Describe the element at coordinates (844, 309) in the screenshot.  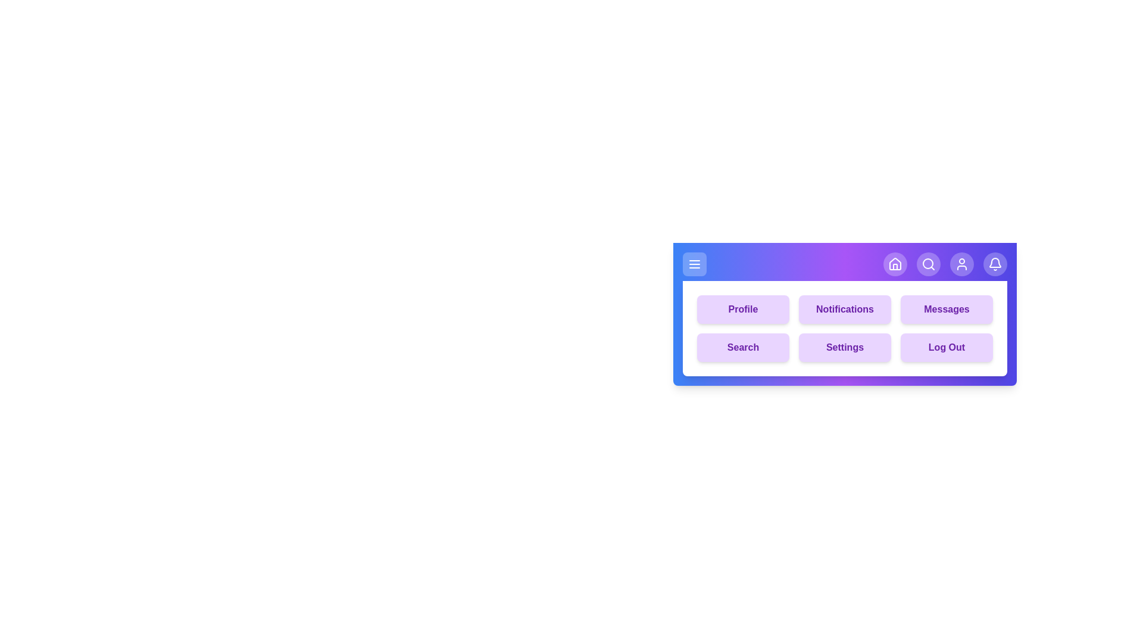
I see `the menu button labeled Notifications` at that location.